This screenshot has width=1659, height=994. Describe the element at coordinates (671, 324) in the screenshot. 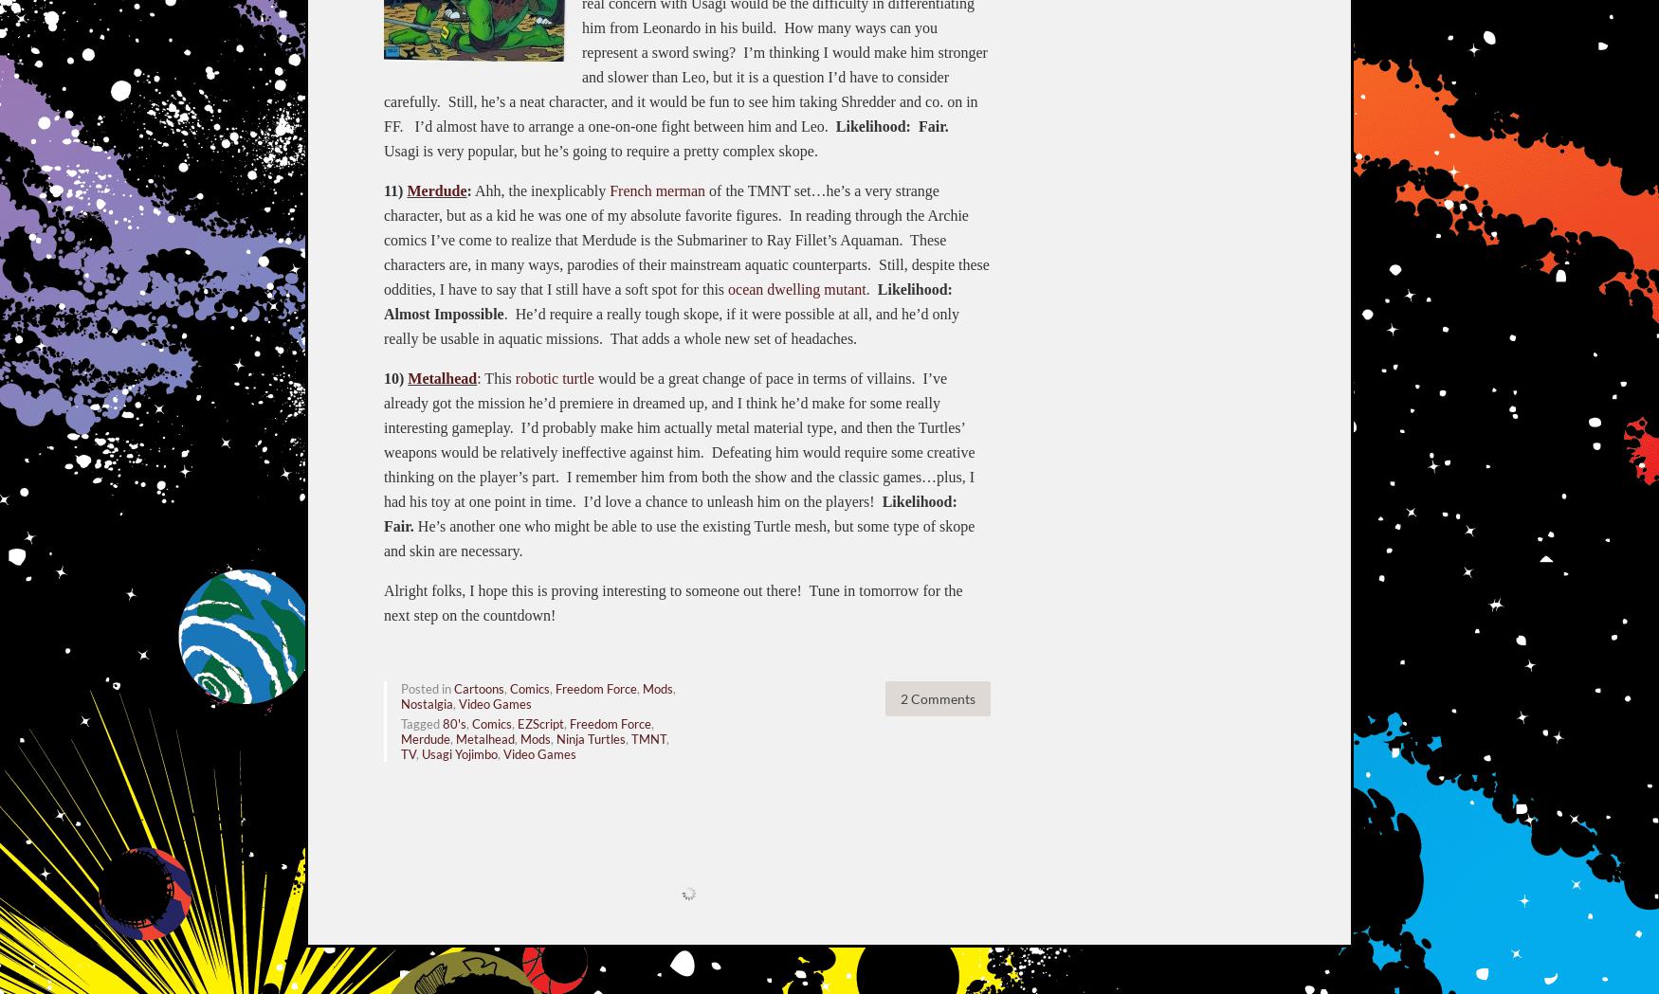

I see `'.  He’d require a really tough skope, if it were possible at all, and he’d only really be usable in aquatic missions.  That adds a whole new set of headaches.'` at that location.